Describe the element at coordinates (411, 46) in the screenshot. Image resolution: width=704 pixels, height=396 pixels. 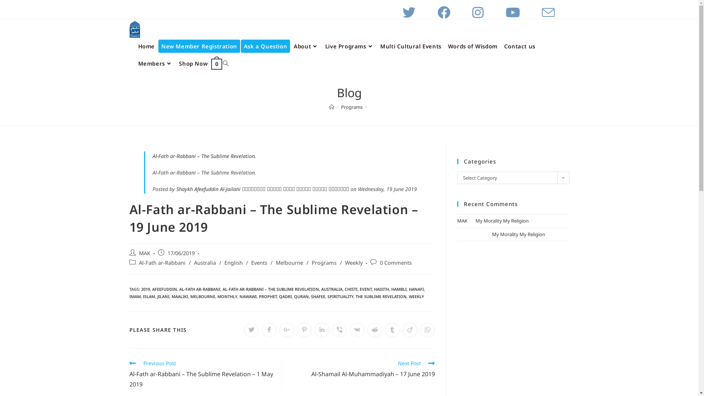
I see `'Multi Cultural Events'` at that location.